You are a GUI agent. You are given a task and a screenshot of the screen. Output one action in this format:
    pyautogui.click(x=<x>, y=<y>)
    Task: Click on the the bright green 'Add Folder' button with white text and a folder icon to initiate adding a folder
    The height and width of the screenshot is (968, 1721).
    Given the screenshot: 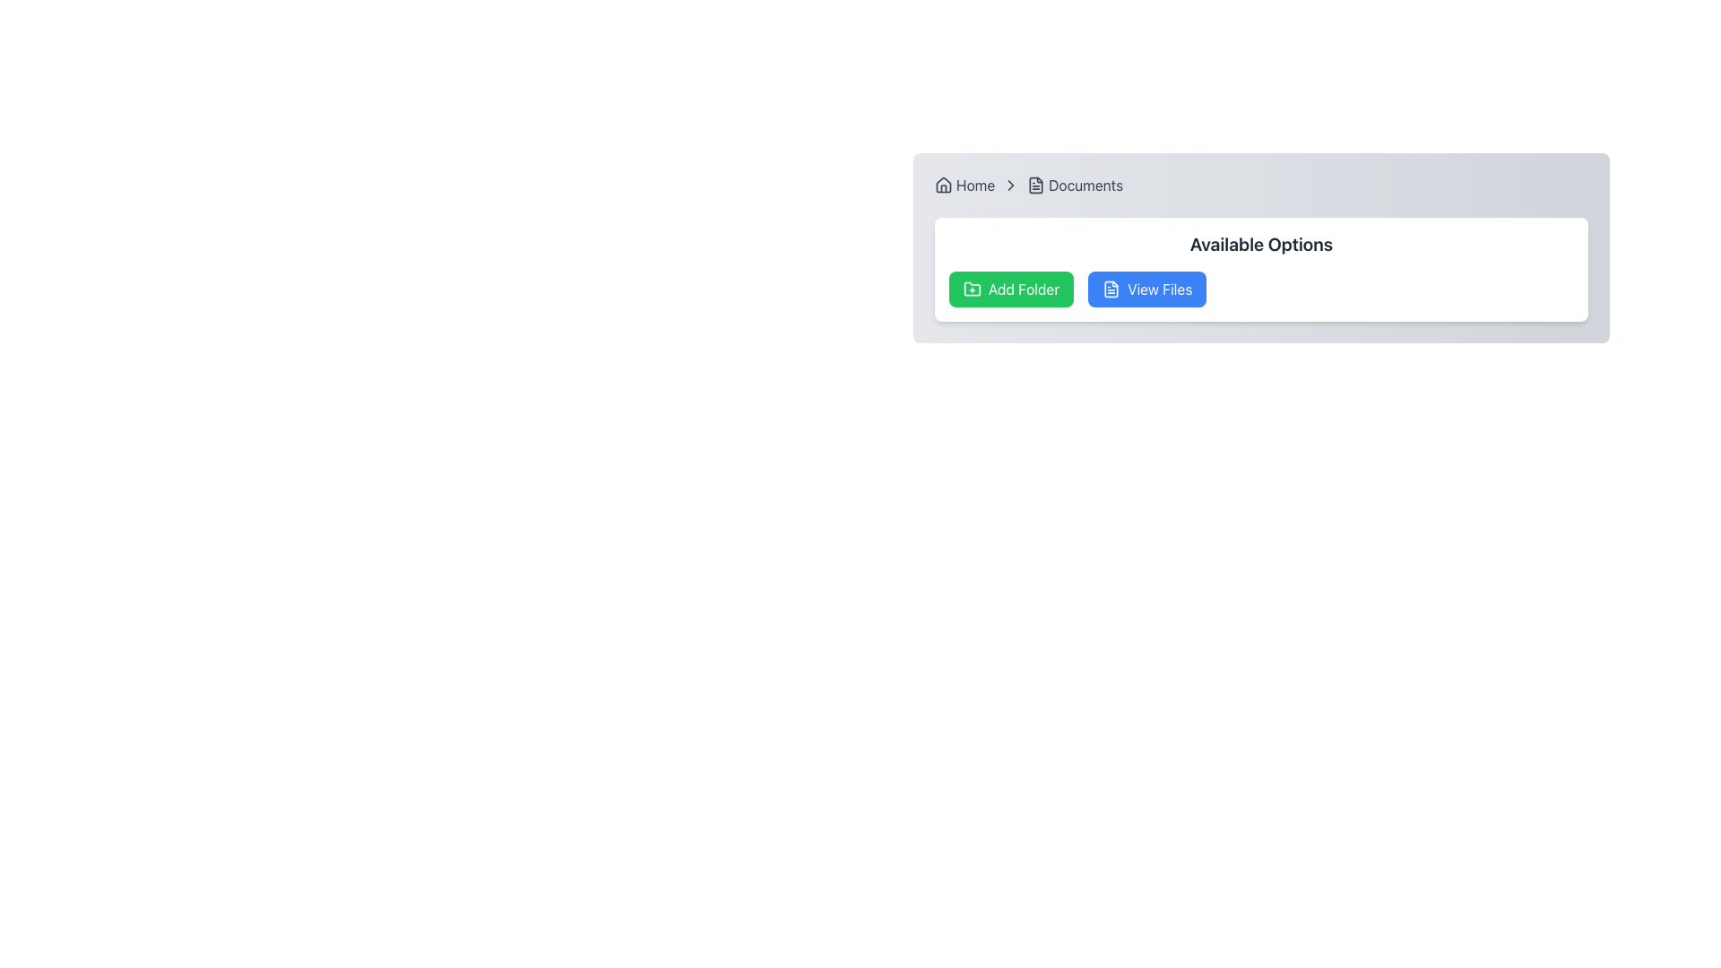 What is the action you would take?
    pyautogui.click(x=1011, y=289)
    